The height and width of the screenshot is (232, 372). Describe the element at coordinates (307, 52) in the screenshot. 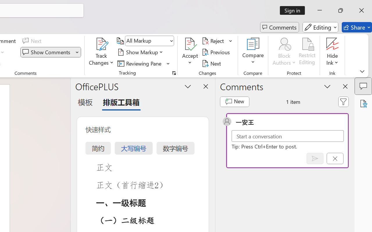

I see `'Restrict Editing'` at that location.